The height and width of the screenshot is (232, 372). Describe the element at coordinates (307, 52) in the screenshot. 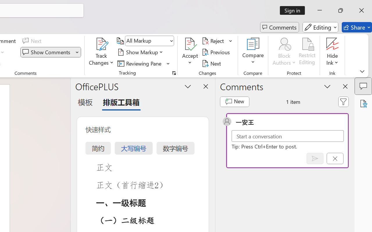

I see `'Restrict Editing'` at that location.